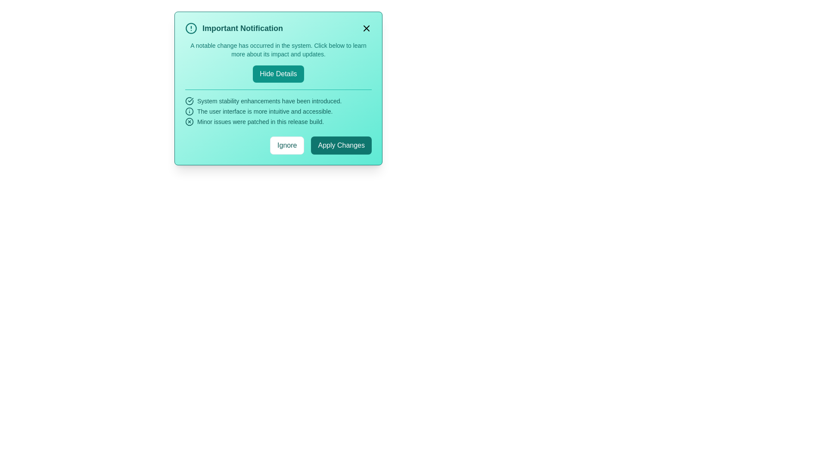  What do you see at coordinates (341, 145) in the screenshot?
I see `the 'Apply Changes' button, which is a teal rectangular button with rounded corners, displaying white text in a bold sans-serif typeface, located in the bottom-right portion of the modal dialog box` at bounding box center [341, 145].